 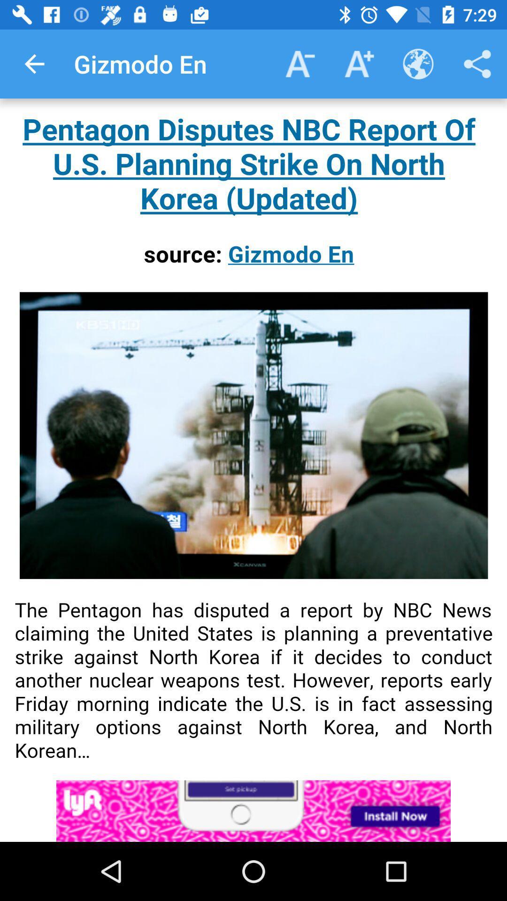 What do you see at coordinates (253, 810) in the screenshot?
I see `open advertisement` at bounding box center [253, 810].